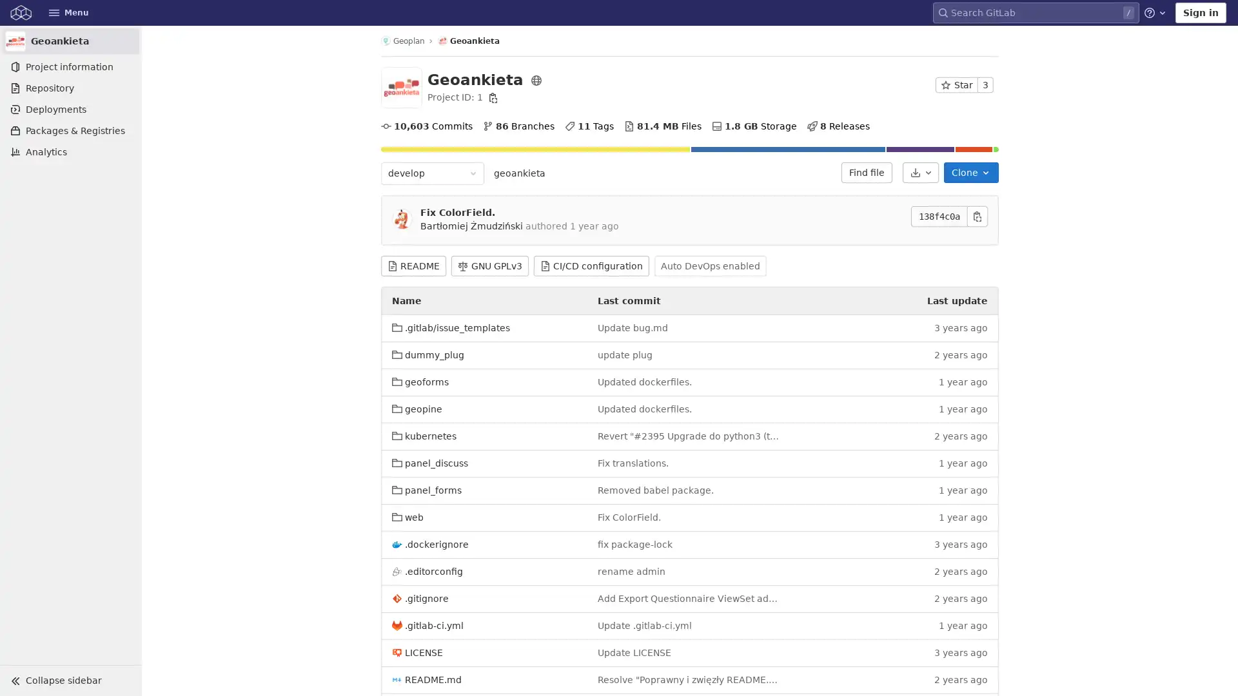  I want to click on Copy commit SHA, so click(978, 215).